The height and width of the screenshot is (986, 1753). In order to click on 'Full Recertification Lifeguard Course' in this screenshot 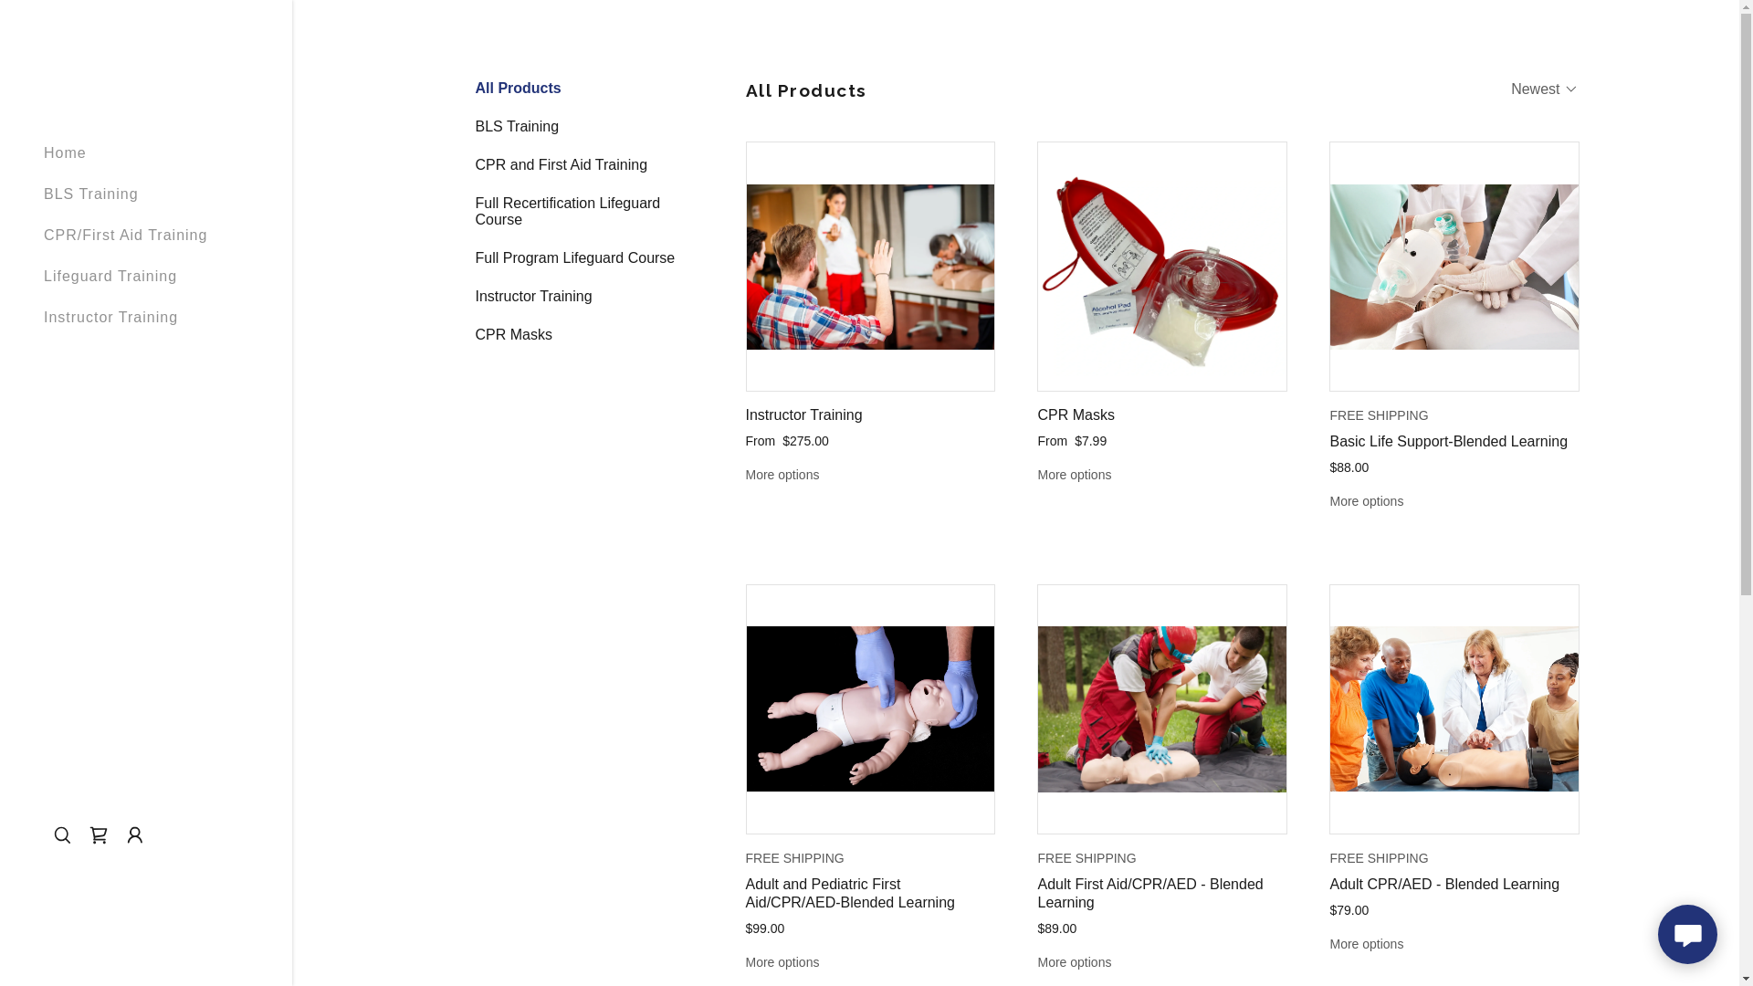, I will do `click(576, 210)`.